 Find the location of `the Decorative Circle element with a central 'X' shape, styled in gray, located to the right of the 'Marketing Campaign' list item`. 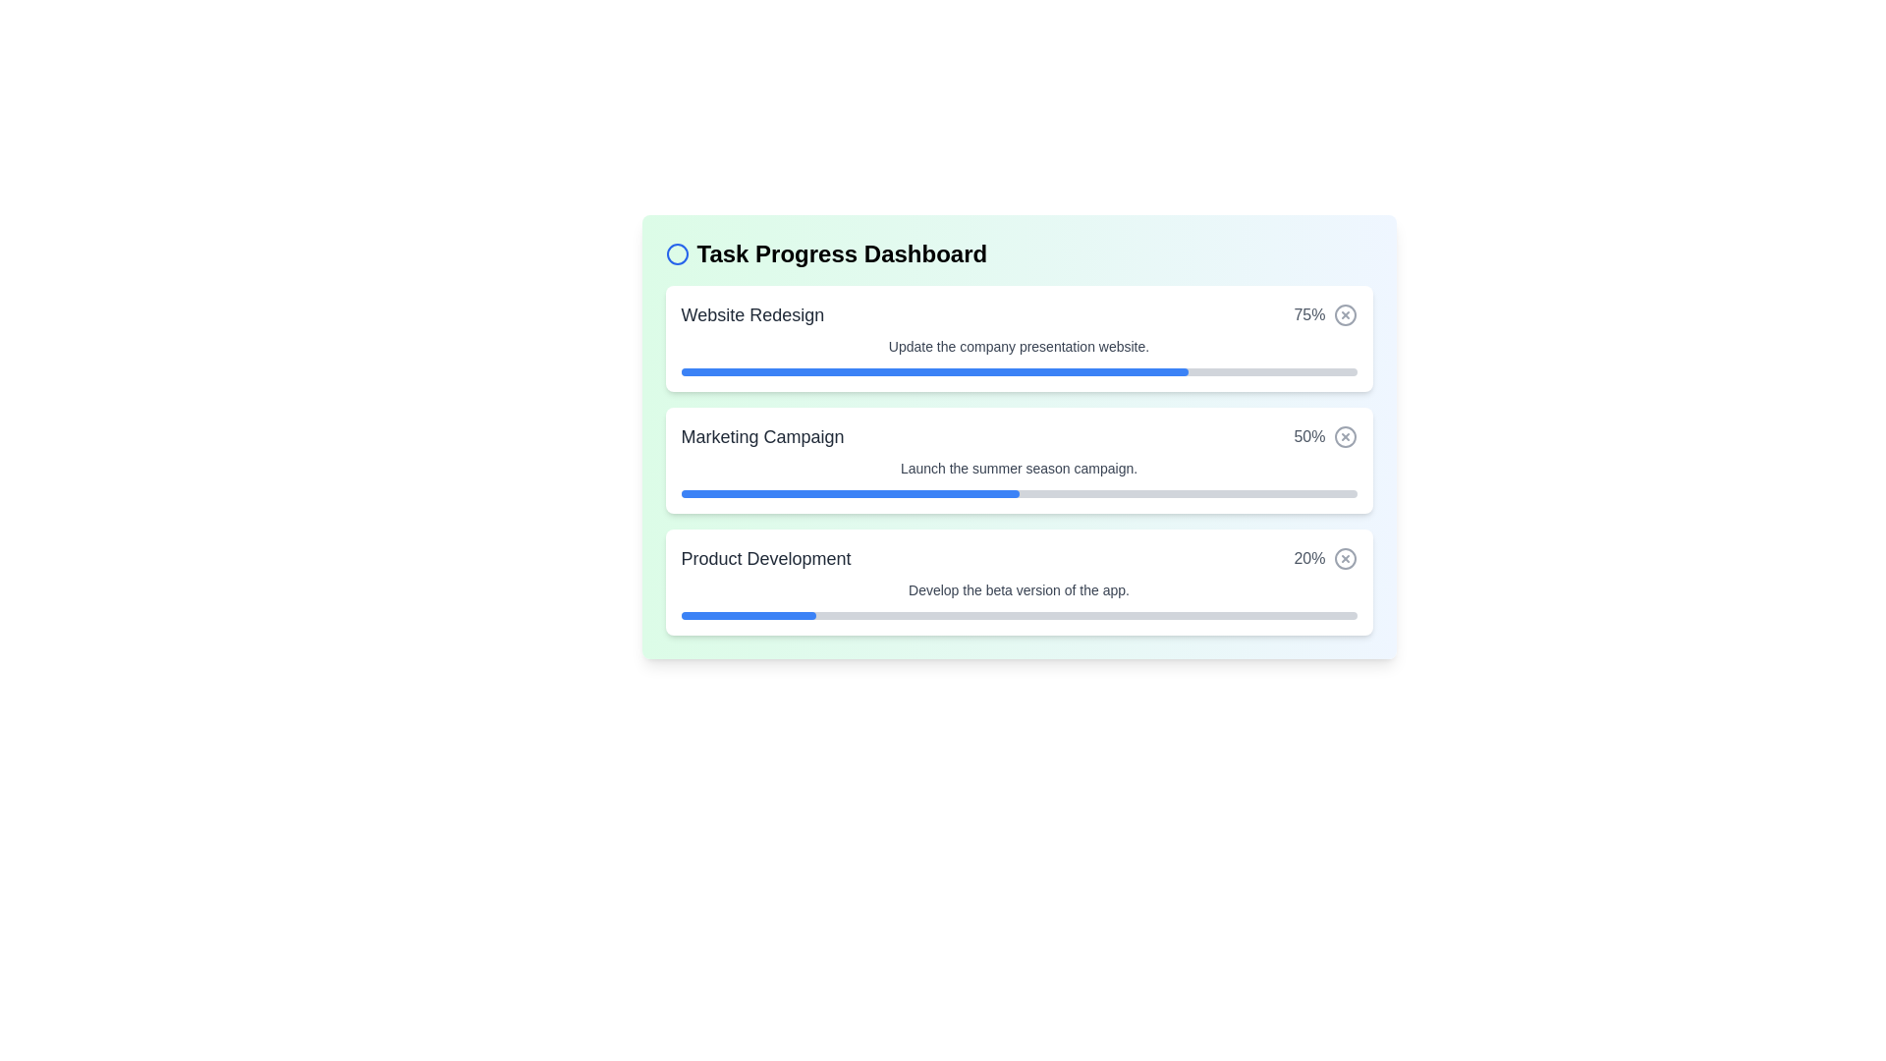

the Decorative Circle element with a central 'X' shape, styled in gray, located to the right of the 'Marketing Campaign' list item is located at coordinates (1344, 435).